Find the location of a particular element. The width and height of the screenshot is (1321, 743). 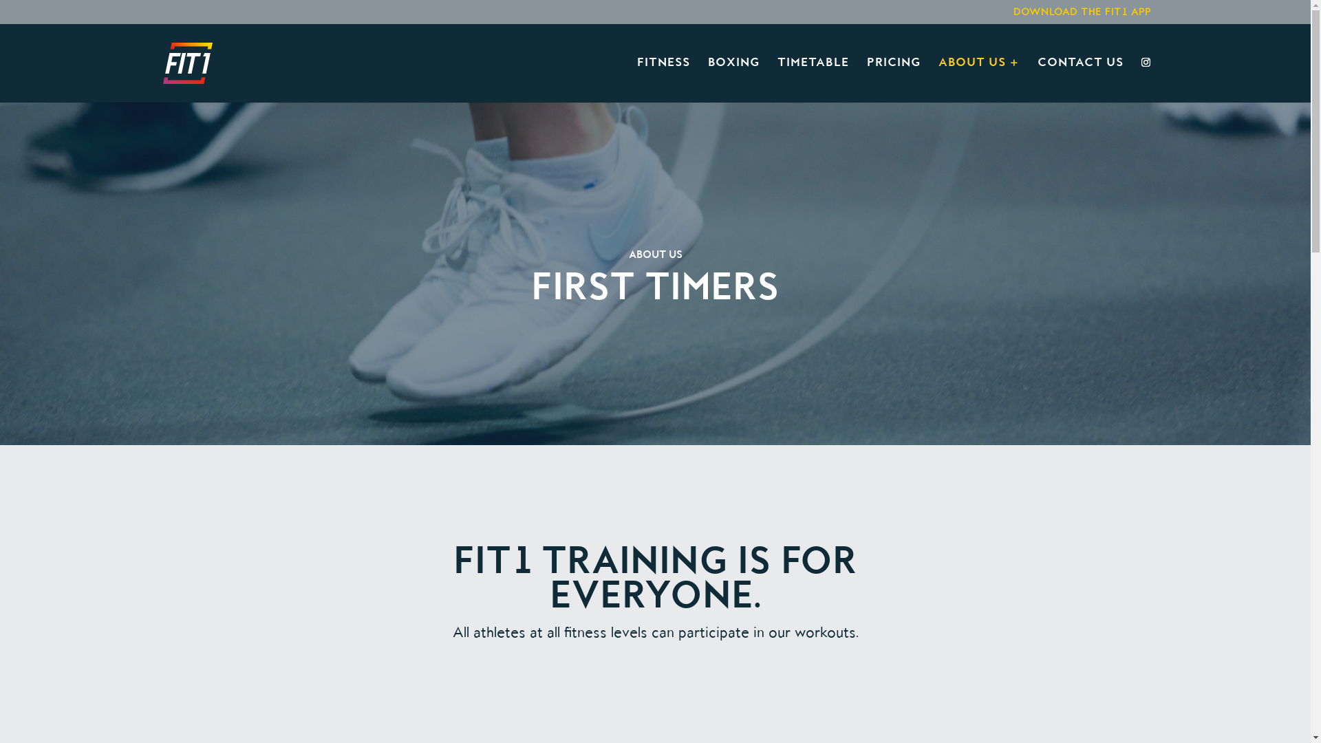

'PRICING' is located at coordinates (894, 80).